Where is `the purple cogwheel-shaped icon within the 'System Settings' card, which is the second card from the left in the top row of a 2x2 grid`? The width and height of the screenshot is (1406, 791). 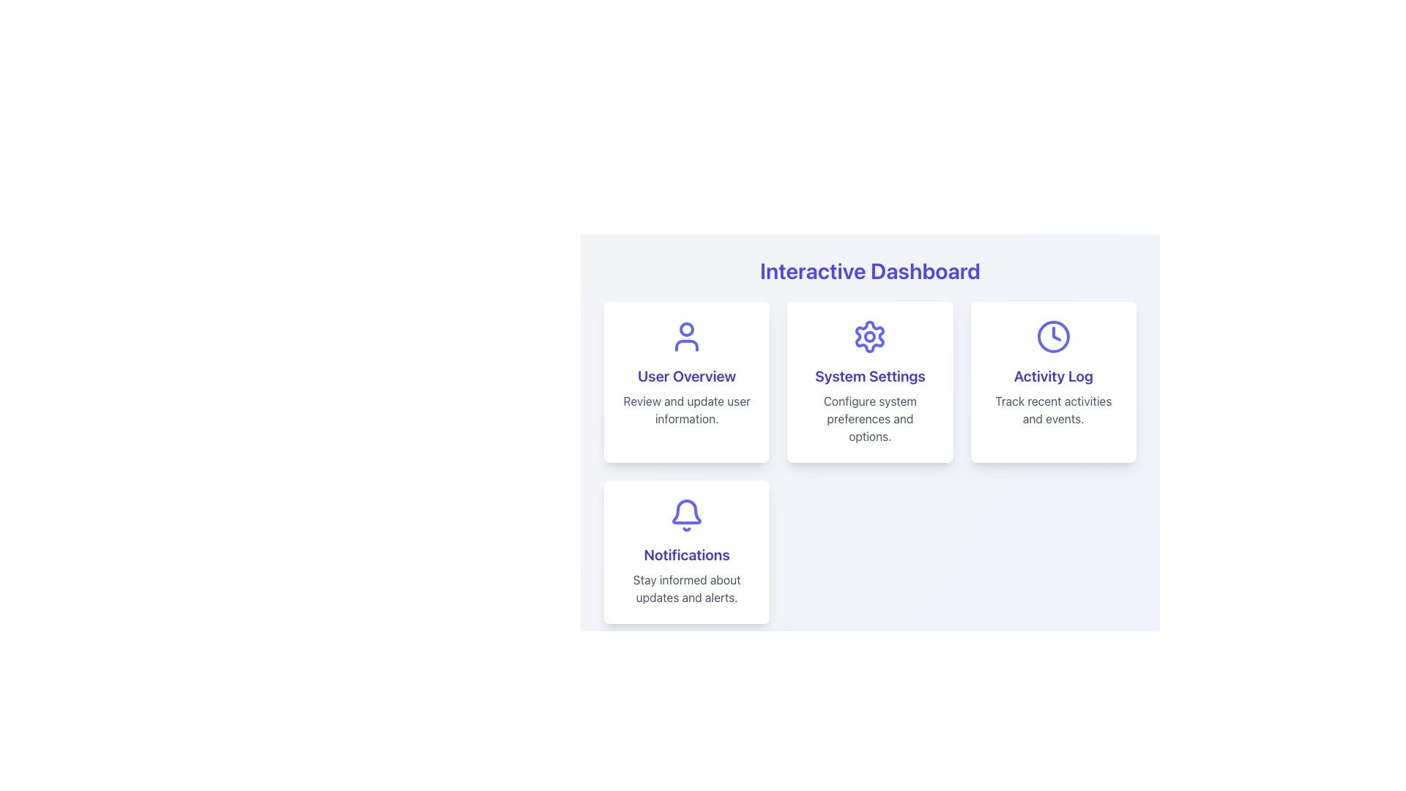
the purple cogwheel-shaped icon within the 'System Settings' card, which is the second card from the left in the top row of a 2x2 grid is located at coordinates (870, 336).